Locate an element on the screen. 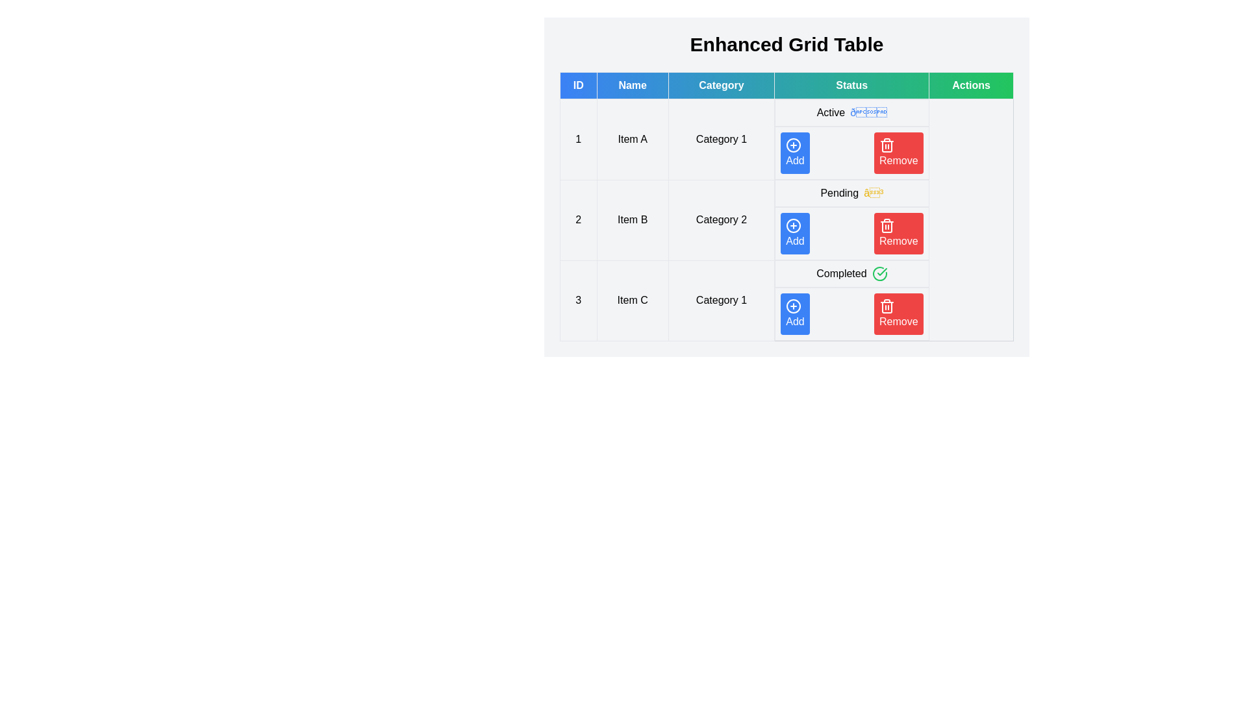 Image resolution: width=1247 pixels, height=701 pixels. the 'Remove' button for the row corresponding to 2 is located at coordinates (898, 232).